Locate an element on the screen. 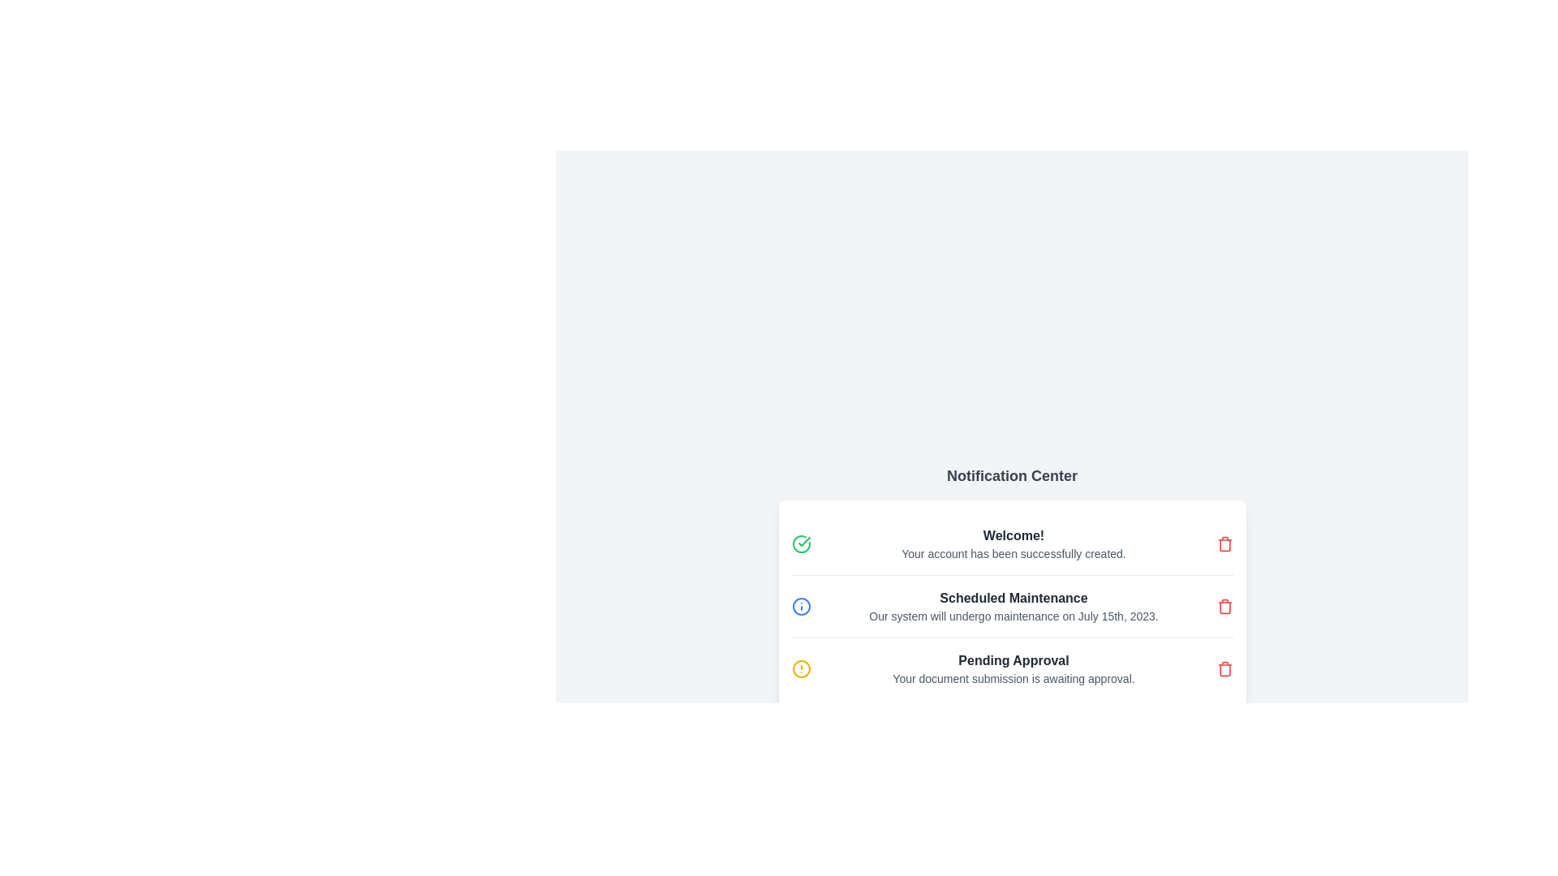  the SVG circle element inside the information icon representing 'Scheduled Maintenance' in the 'Notification Center' panel is located at coordinates (801, 607).